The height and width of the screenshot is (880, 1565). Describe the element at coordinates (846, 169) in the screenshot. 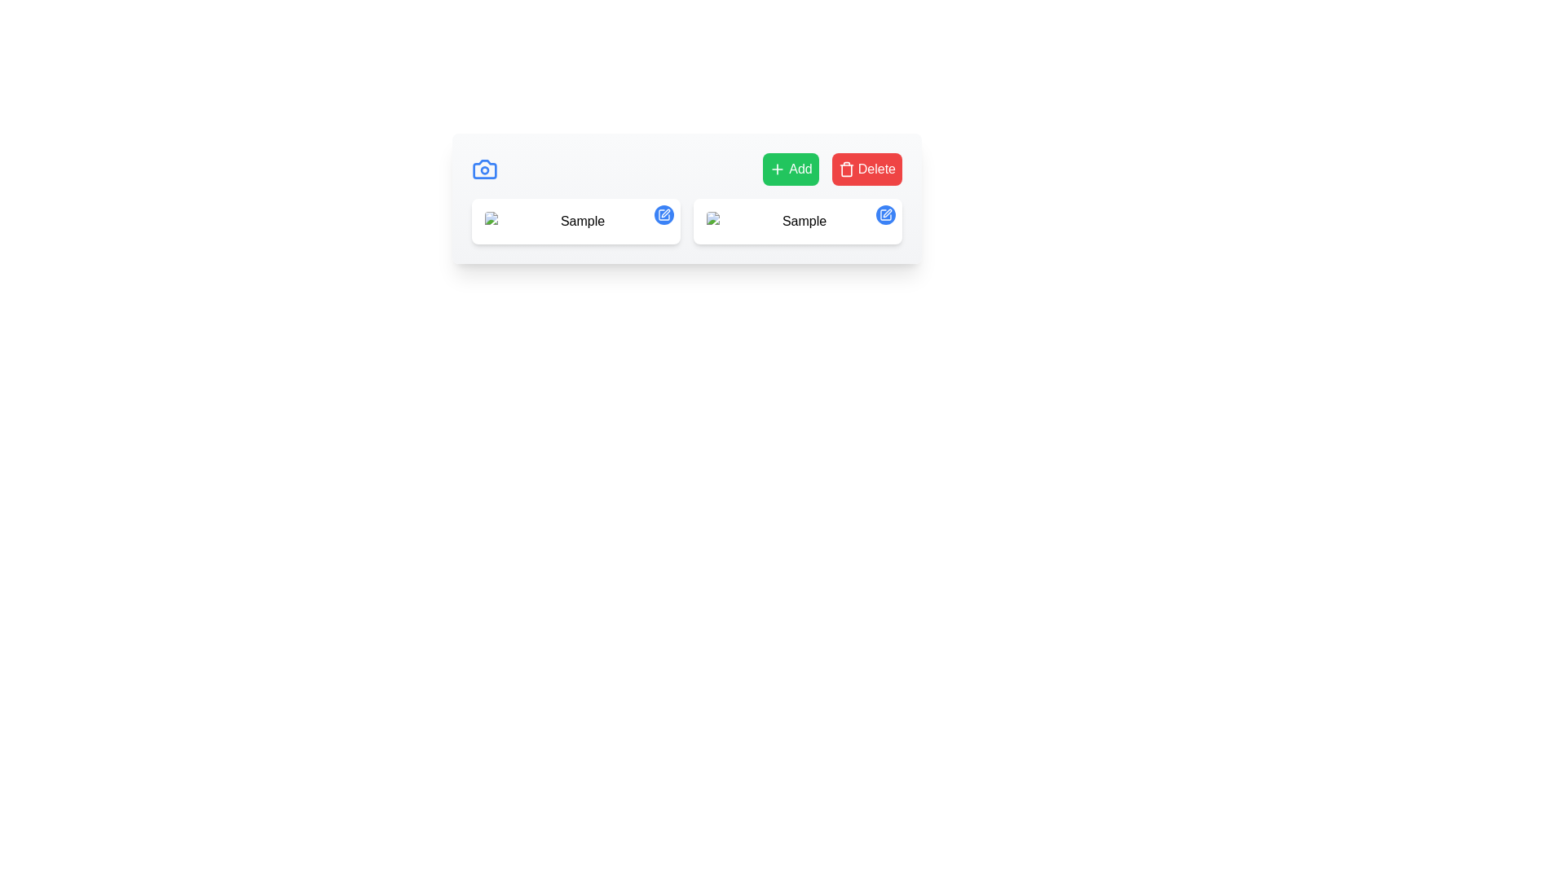

I see `the trash bin icon located within the red 'Delete' button at the top-right of the interface` at that location.